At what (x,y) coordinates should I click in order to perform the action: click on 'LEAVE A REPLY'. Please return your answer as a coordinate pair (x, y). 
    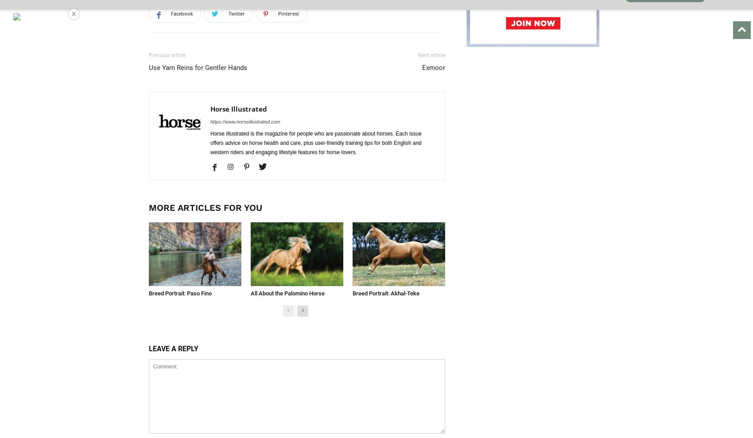
    Looking at the image, I should click on (173, 348).